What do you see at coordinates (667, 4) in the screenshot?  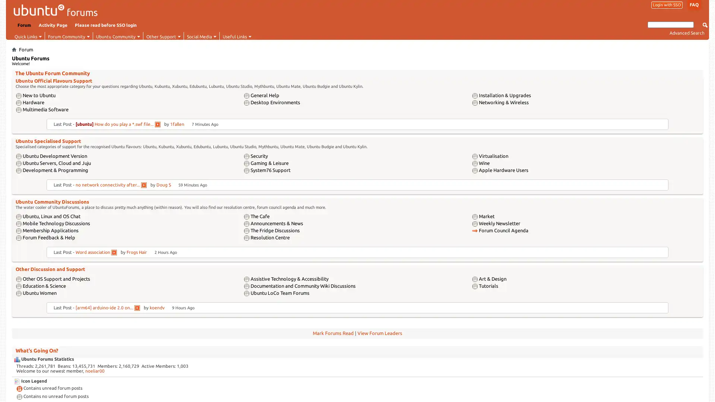 I see `Login with SSO` at bounding box center [667, 4].